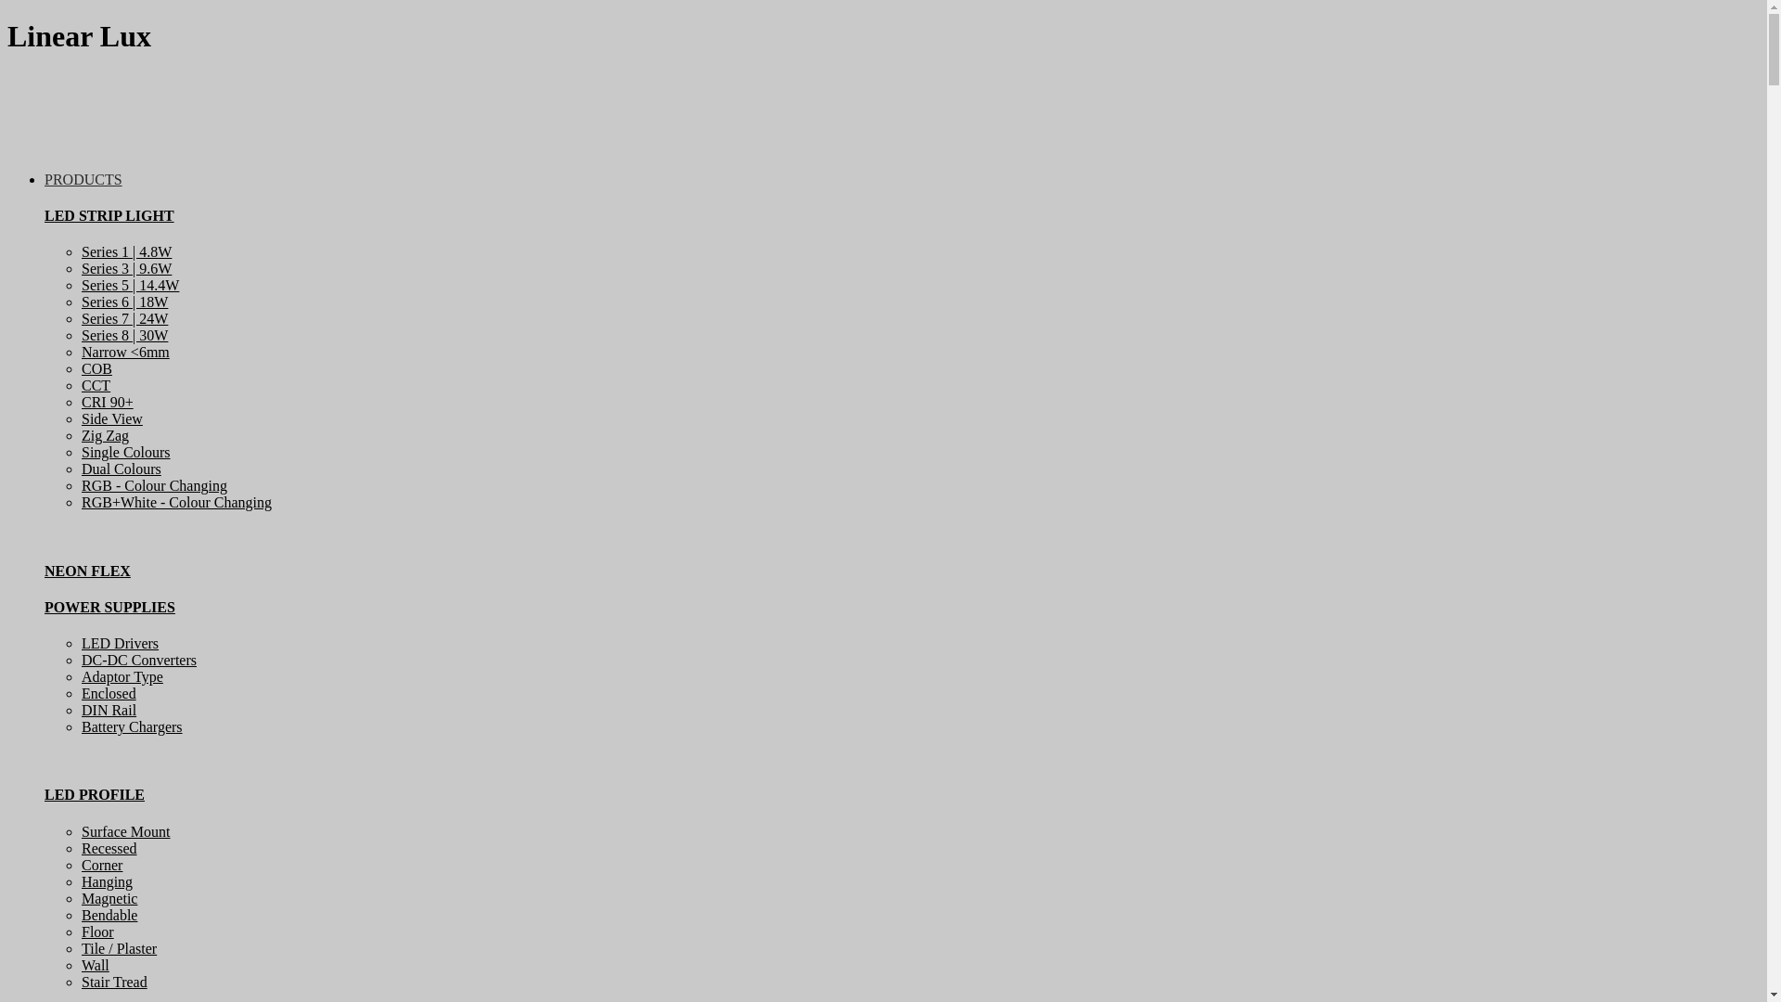 Image resolution: width=1781 pixels, height=1002 pixels. What do you see at coordinates (80, 301) in the screenshot?
I see `'Series 6 | 18W'` at bounding box center [80, 301].